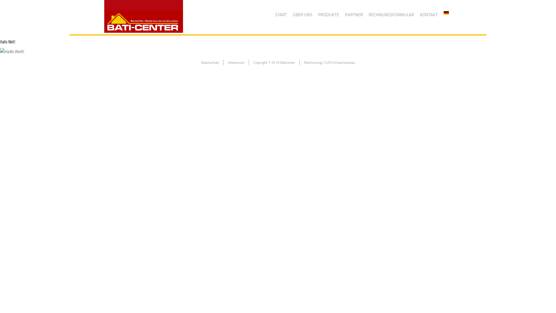  Describe the element at coordinates (429, 14) in the screenshot. I see `'KONTAKT'` at that location.